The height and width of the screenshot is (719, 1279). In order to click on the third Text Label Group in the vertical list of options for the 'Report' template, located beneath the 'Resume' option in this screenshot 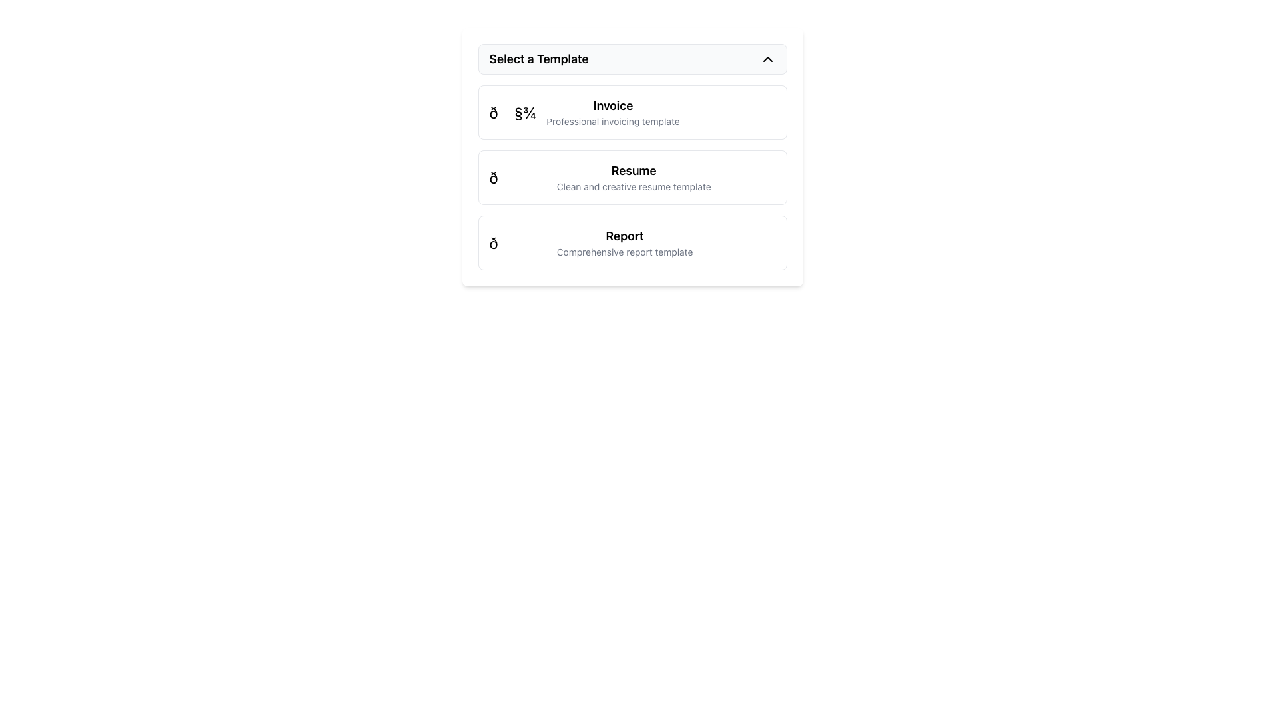, I will do `click(624, 243)`.